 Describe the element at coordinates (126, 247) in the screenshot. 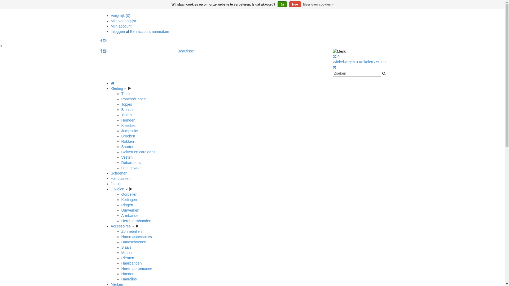

I see `'Sjaals'` at that location.